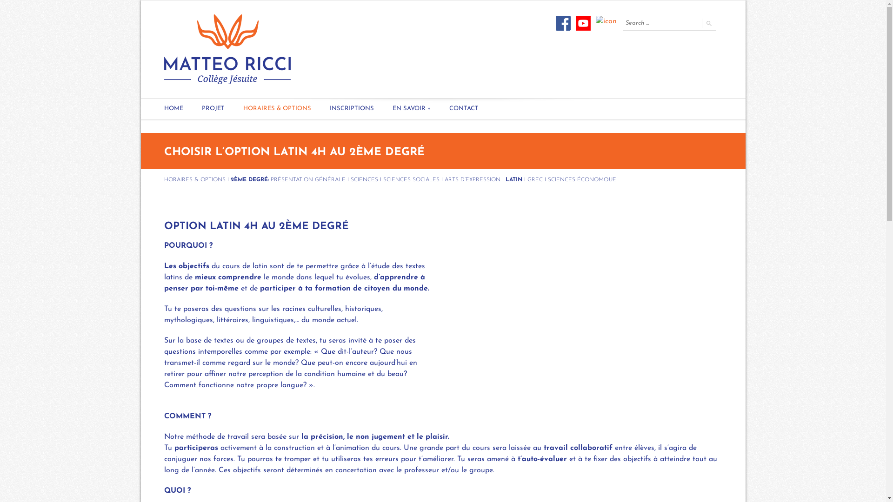 The height and width of the screenshot is (502, 893). Describe the element at coordinates (192, 108) in the screenshot. I see `'PROJET'` at that location.